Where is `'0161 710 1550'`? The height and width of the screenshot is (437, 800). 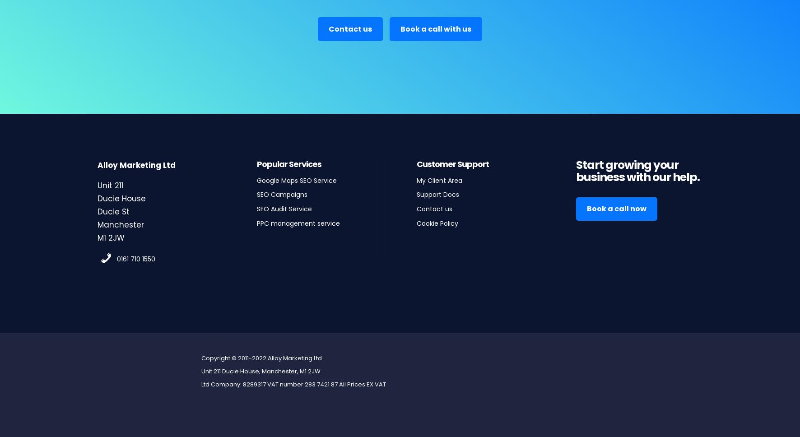 '0161 710 1550' is located at coordinates (116, 258).